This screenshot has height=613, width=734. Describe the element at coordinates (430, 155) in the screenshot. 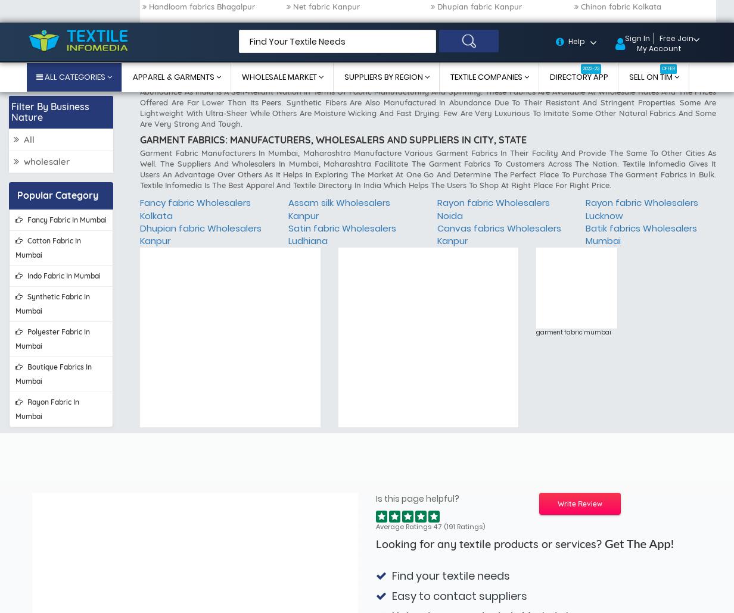

I see `'Average Ratings 4.7 (191 Ratings)'` at that location.